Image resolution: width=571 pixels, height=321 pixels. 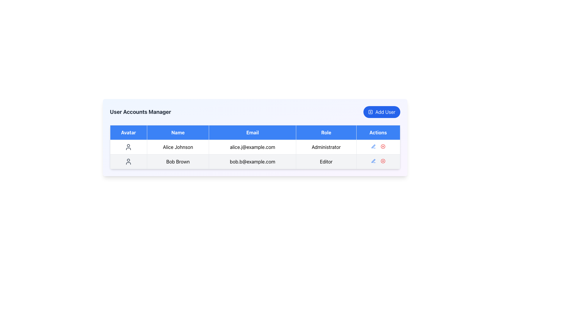 I want to click on the SVG icon located to the left of the 'Add User' button at the top-right corner above the table, so click(x=370, y=112).